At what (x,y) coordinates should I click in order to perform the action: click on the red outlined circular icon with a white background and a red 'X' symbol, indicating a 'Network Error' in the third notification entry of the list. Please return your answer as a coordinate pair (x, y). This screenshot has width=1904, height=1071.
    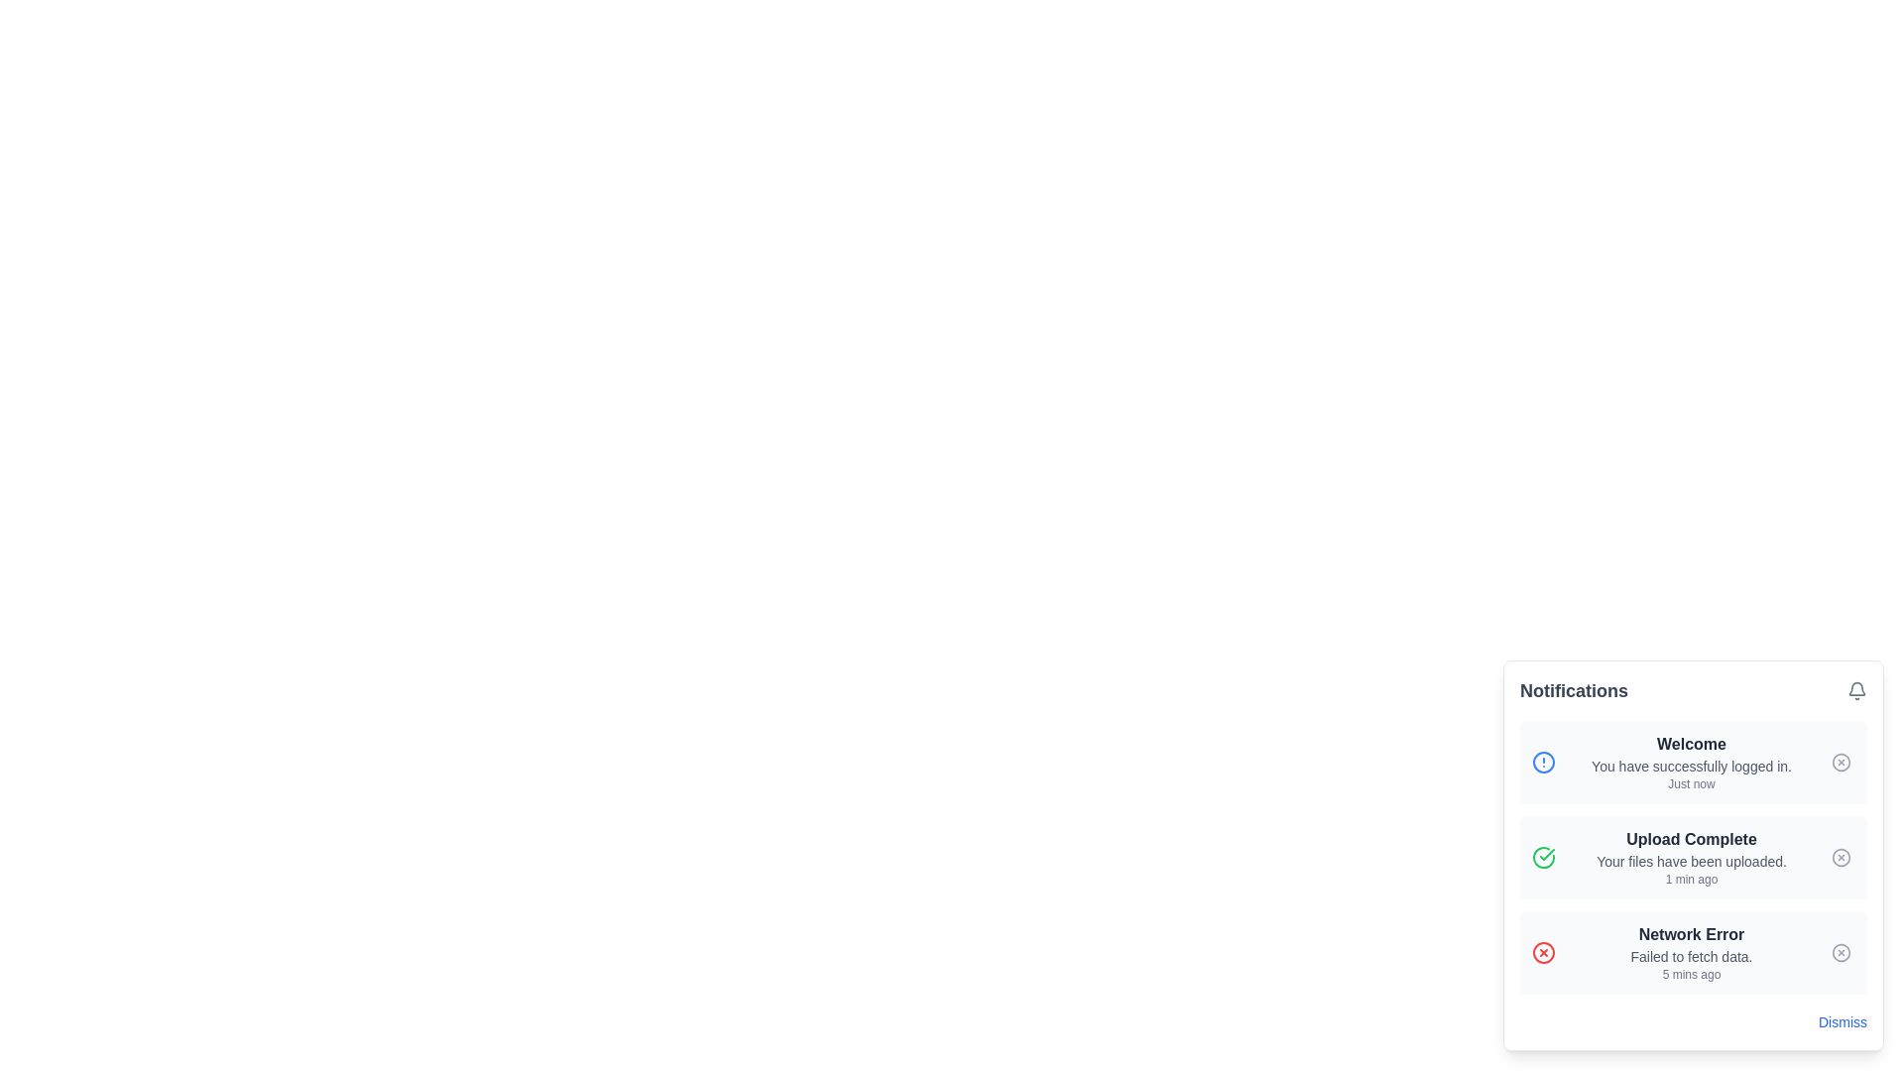
    Looking at the image, I should click on (1542, 951).